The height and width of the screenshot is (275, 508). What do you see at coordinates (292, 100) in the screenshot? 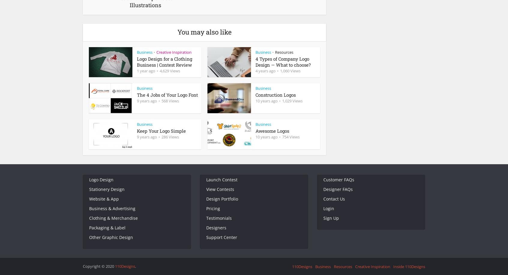
I see `'1,029 Views'` at bounding box center [292, 100].